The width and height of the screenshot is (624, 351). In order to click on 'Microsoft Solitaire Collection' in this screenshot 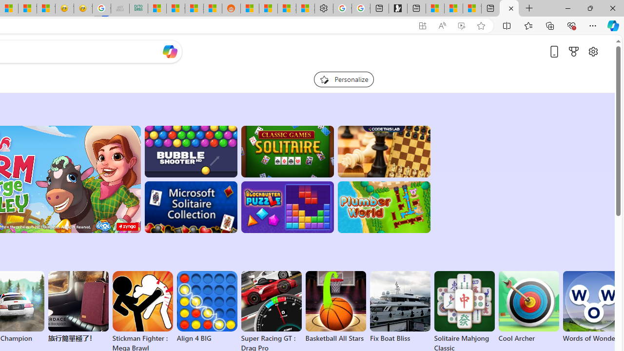, I will do `click(191, 207)`.